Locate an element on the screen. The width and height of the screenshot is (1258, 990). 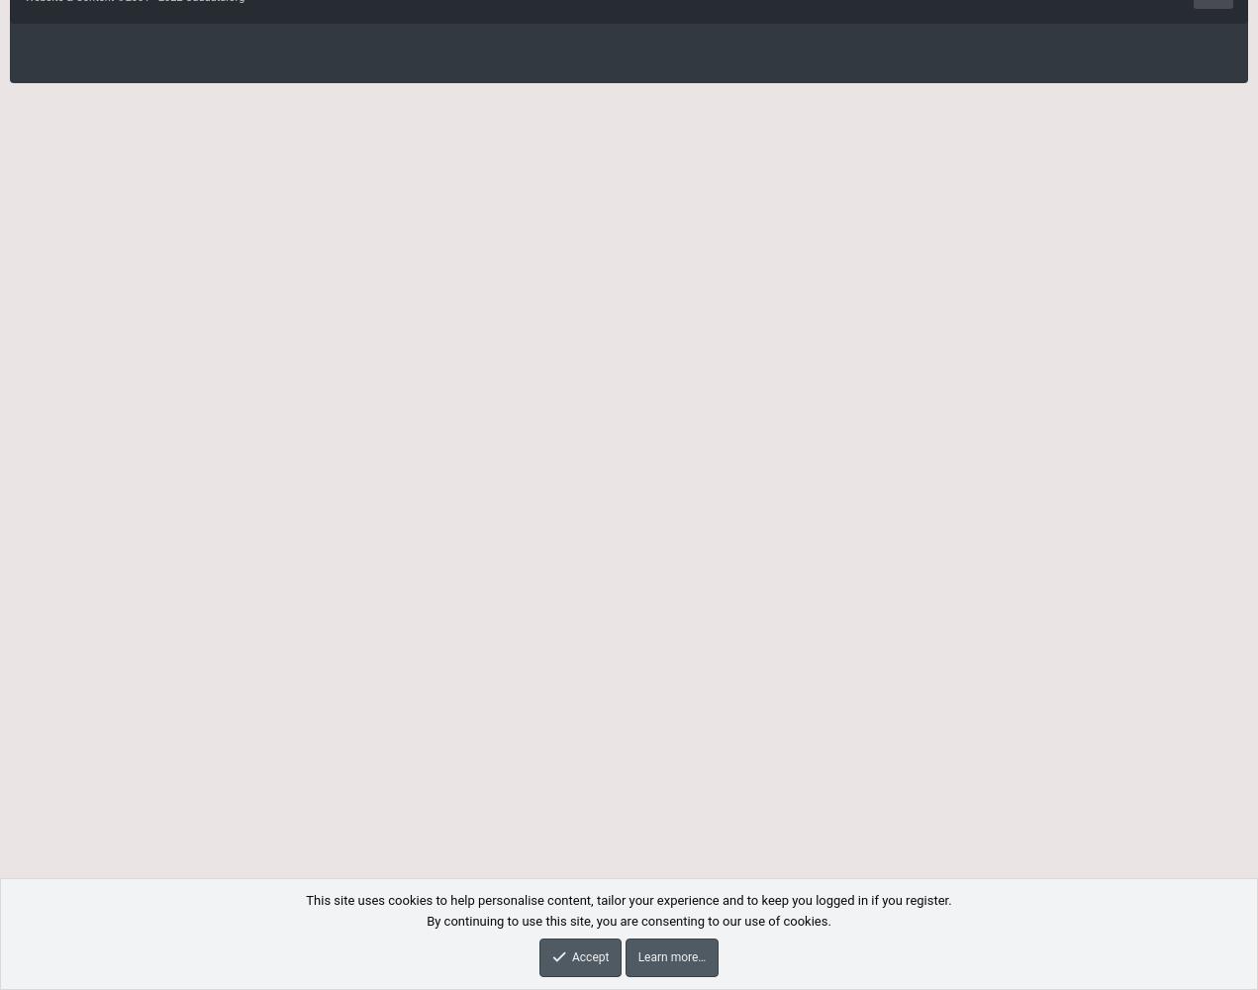
'Learn more…' is located at coordinates (671, 955).